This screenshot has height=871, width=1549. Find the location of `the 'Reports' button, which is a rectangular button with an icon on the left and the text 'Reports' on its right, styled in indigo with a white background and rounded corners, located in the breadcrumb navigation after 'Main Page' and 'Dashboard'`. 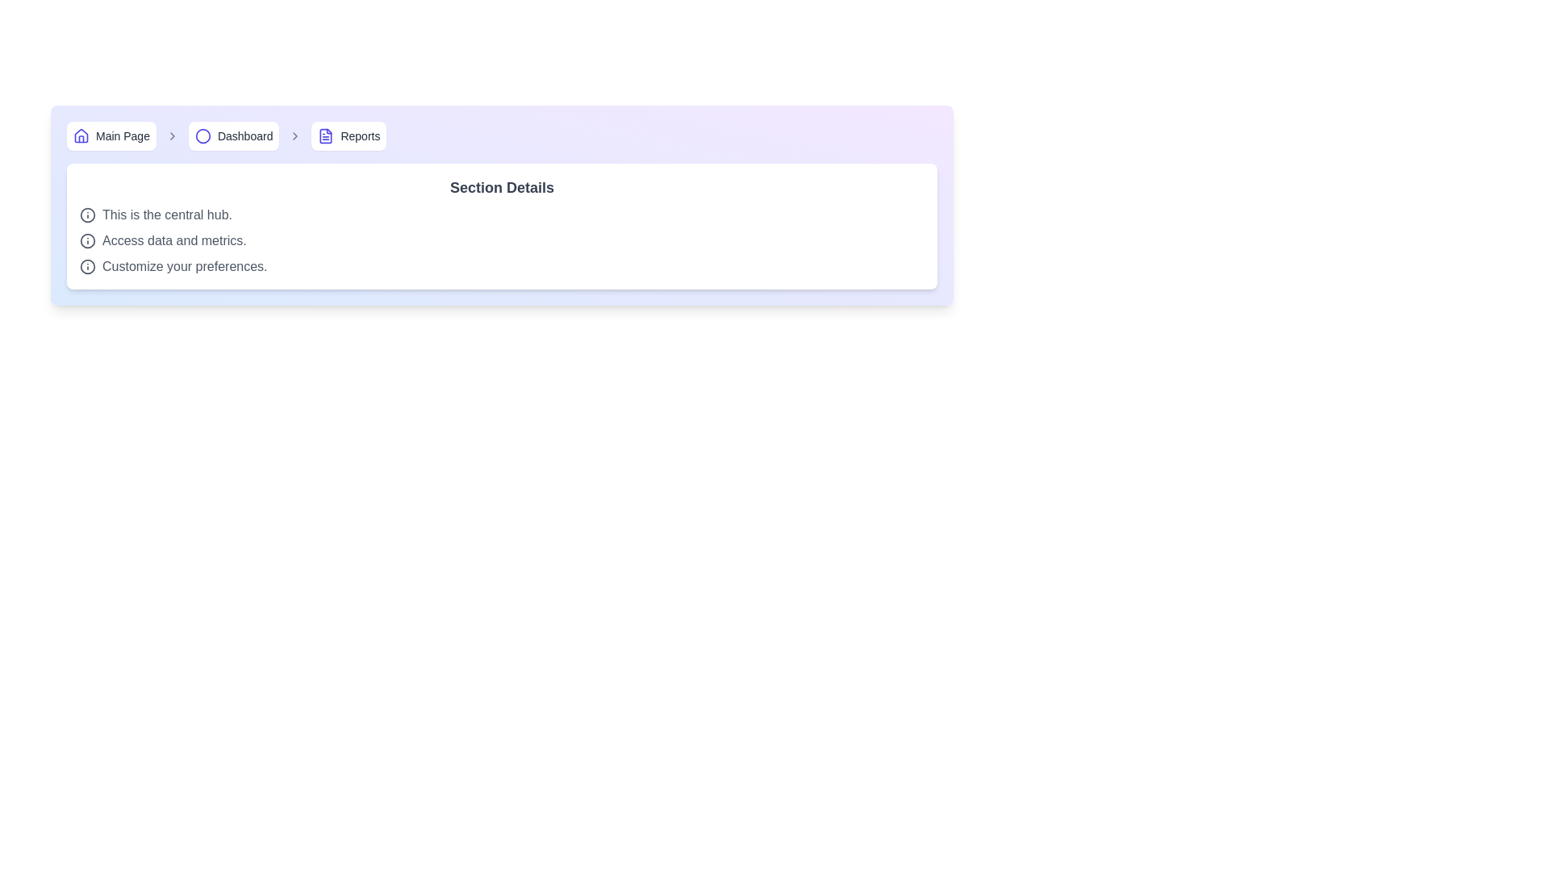

the 'Reports' button, which is a rectangular button with an icon on the left and the text 'Reports' on its right, styled in indigo with a white background and rounded corners, located in the breadcrumb navigation after 'Main Page' and 'Dashboard' is located at coordinates (348, 135).